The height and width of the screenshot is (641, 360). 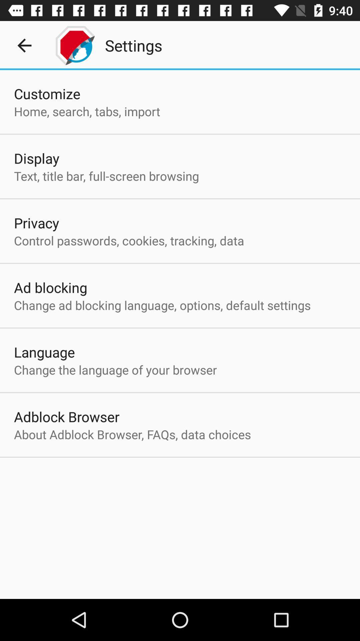 I want to click on the icon above control passwords cookies icon, so click(x=36, y=223).